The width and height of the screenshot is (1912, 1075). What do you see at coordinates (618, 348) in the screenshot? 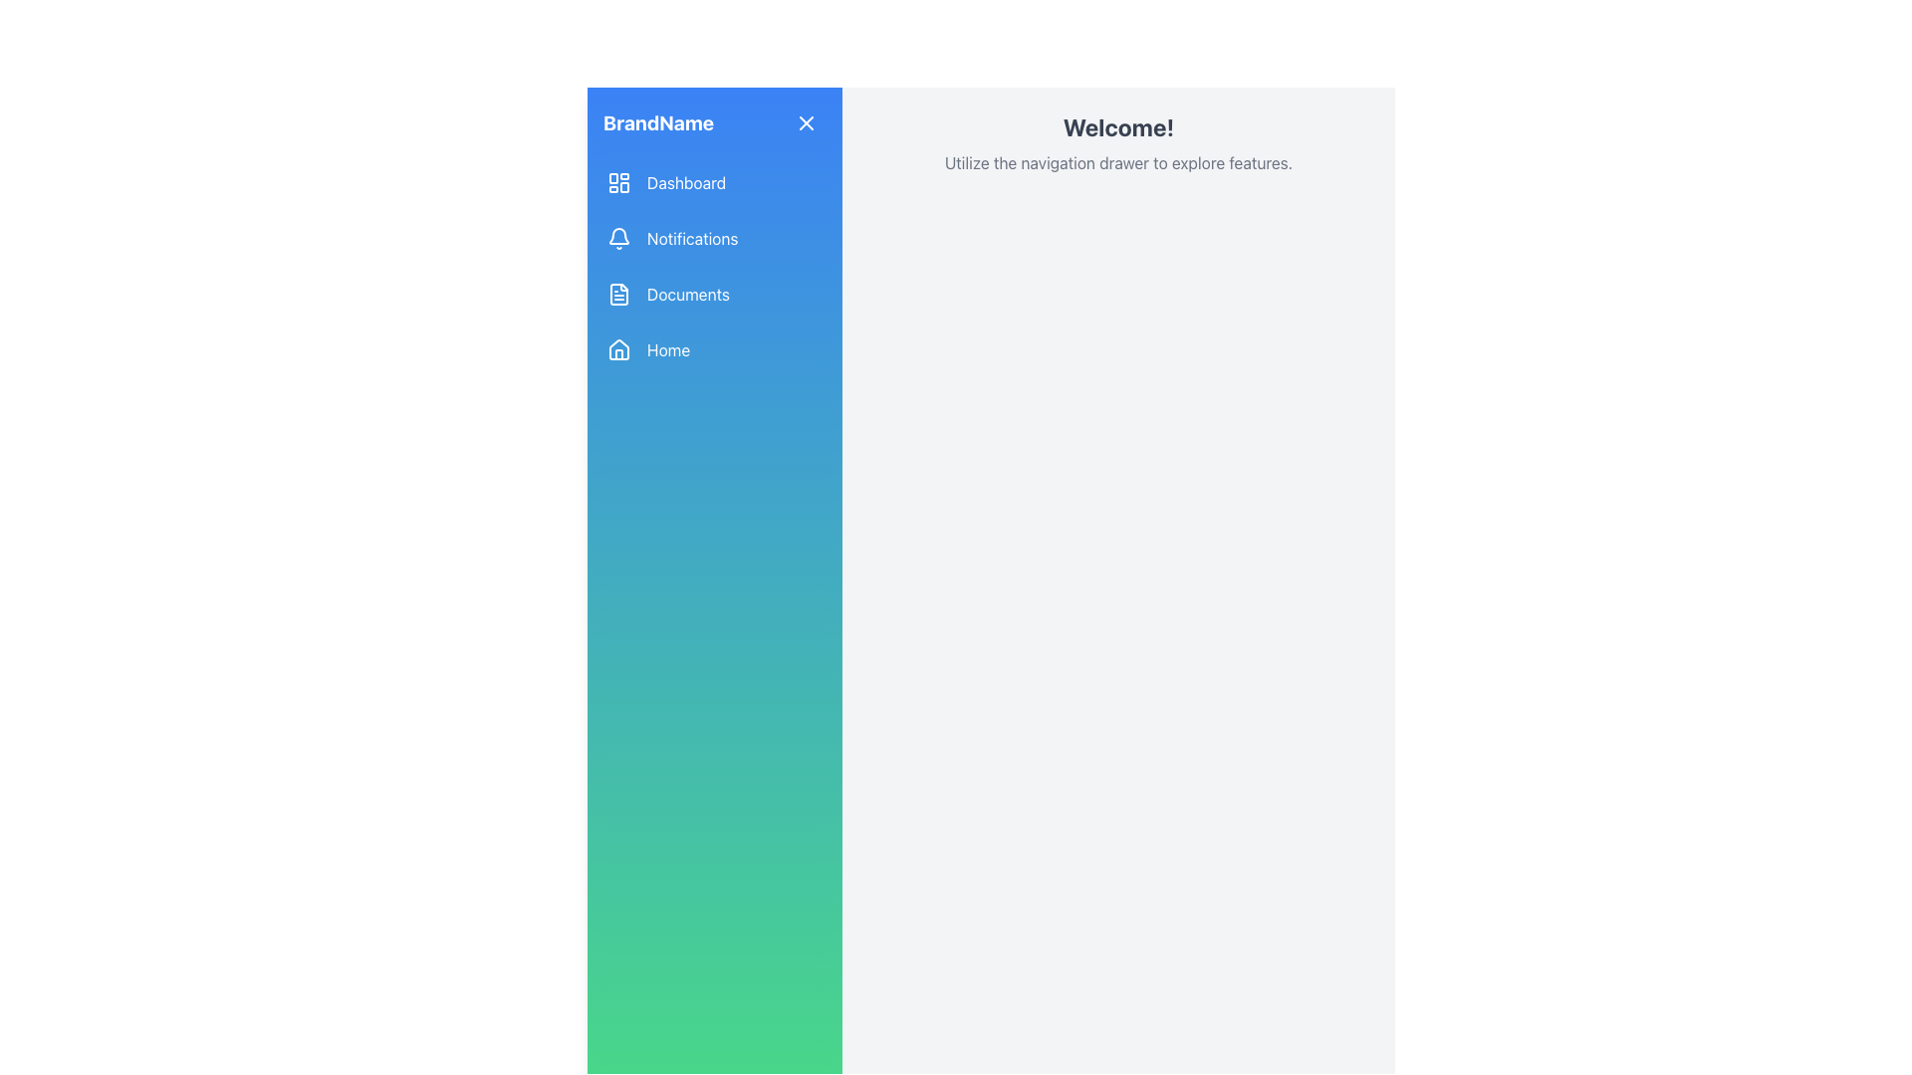
I see `the house icon in the Home navigation option within the sidebar, which features a triangular roof and rectangular base` at bounding box center [618, 348].